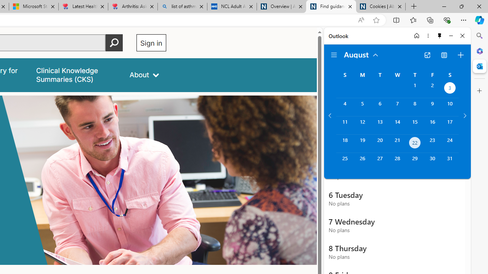  I want to click on 'Saturday, August 10, 2024. ', so click(450, 107).